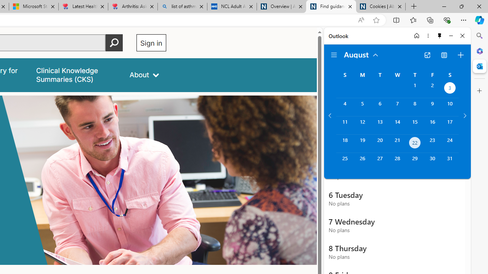  I want to click on 'Saturday, August 10, 2024. ', so click(450, 107).